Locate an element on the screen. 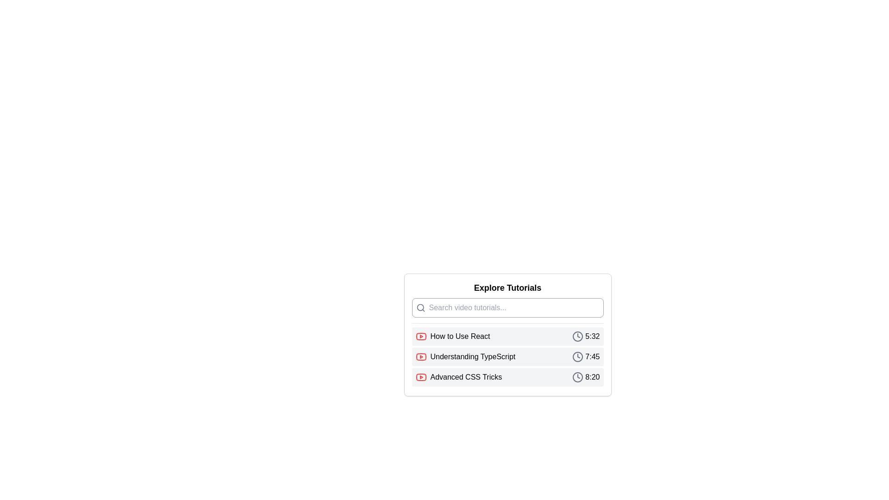 The height and width of the screenshot is (500, 889). the text label displaying '8:20' located at the bottom-right of the 'Advanced CSS Tricks' list item to invoke a linked action is located at coordinates (592, 377).